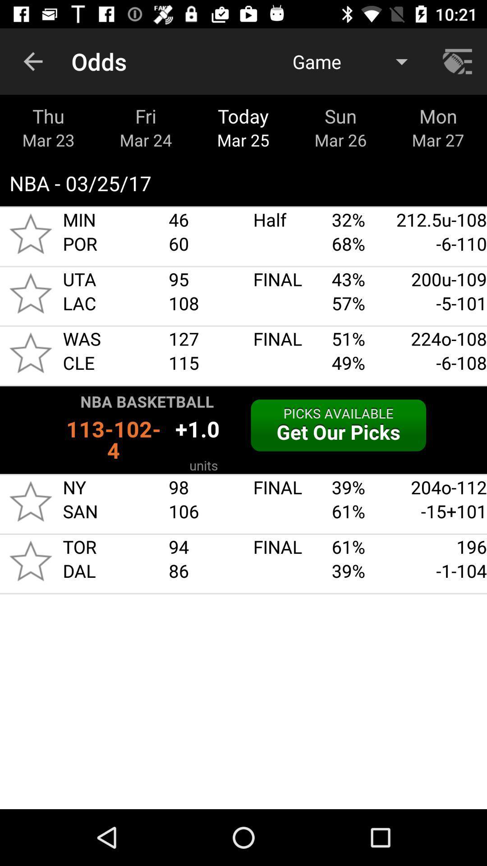  I want to click on announcement, so click(243, 429).